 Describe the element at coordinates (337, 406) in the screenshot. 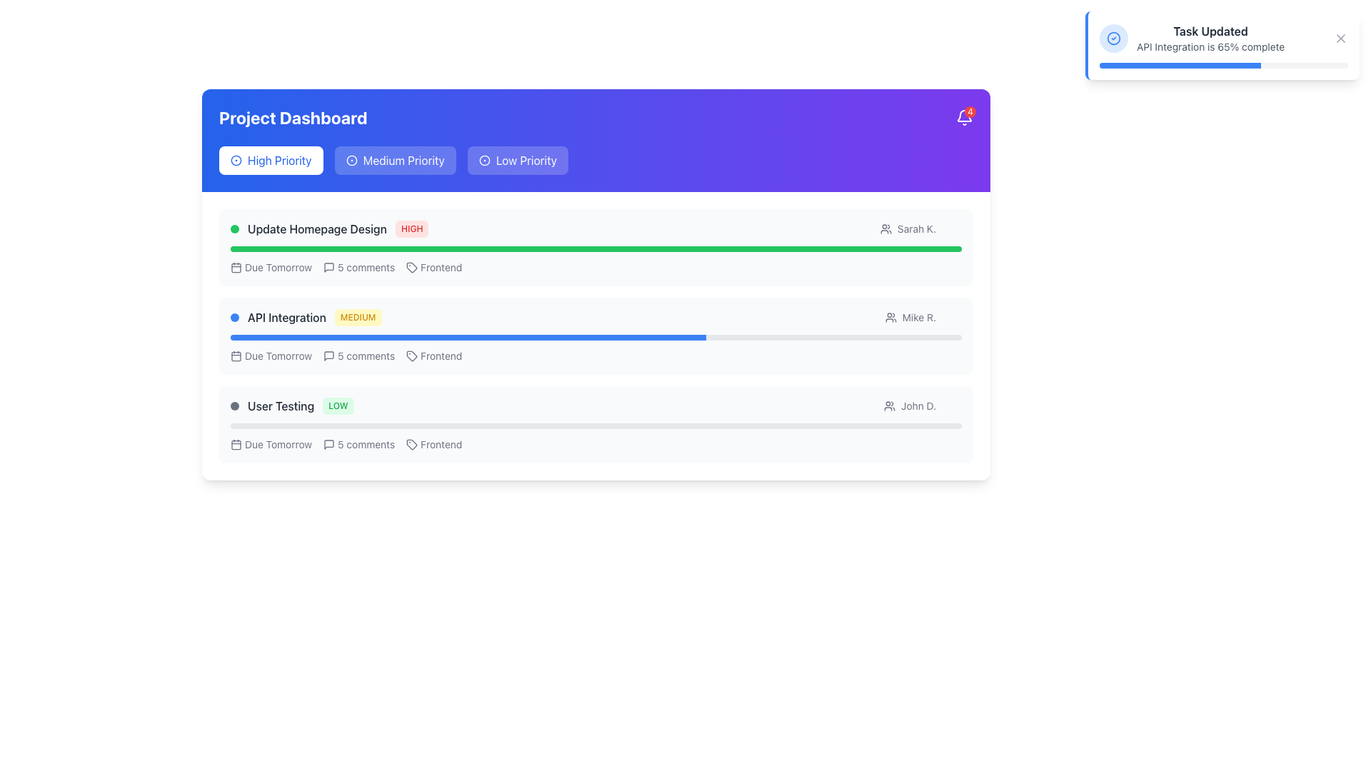

I see `text from the 'LOW' priority status badge located to the right of the 'User Testing' text in the User Testing priority section` at that location.